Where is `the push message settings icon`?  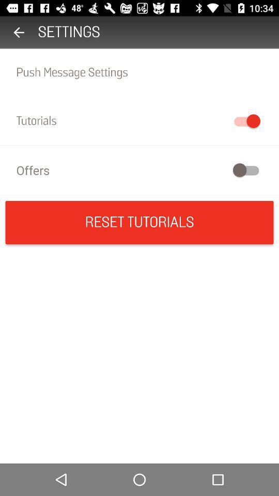
the push message settings icon is located at coordinates (139, 72).